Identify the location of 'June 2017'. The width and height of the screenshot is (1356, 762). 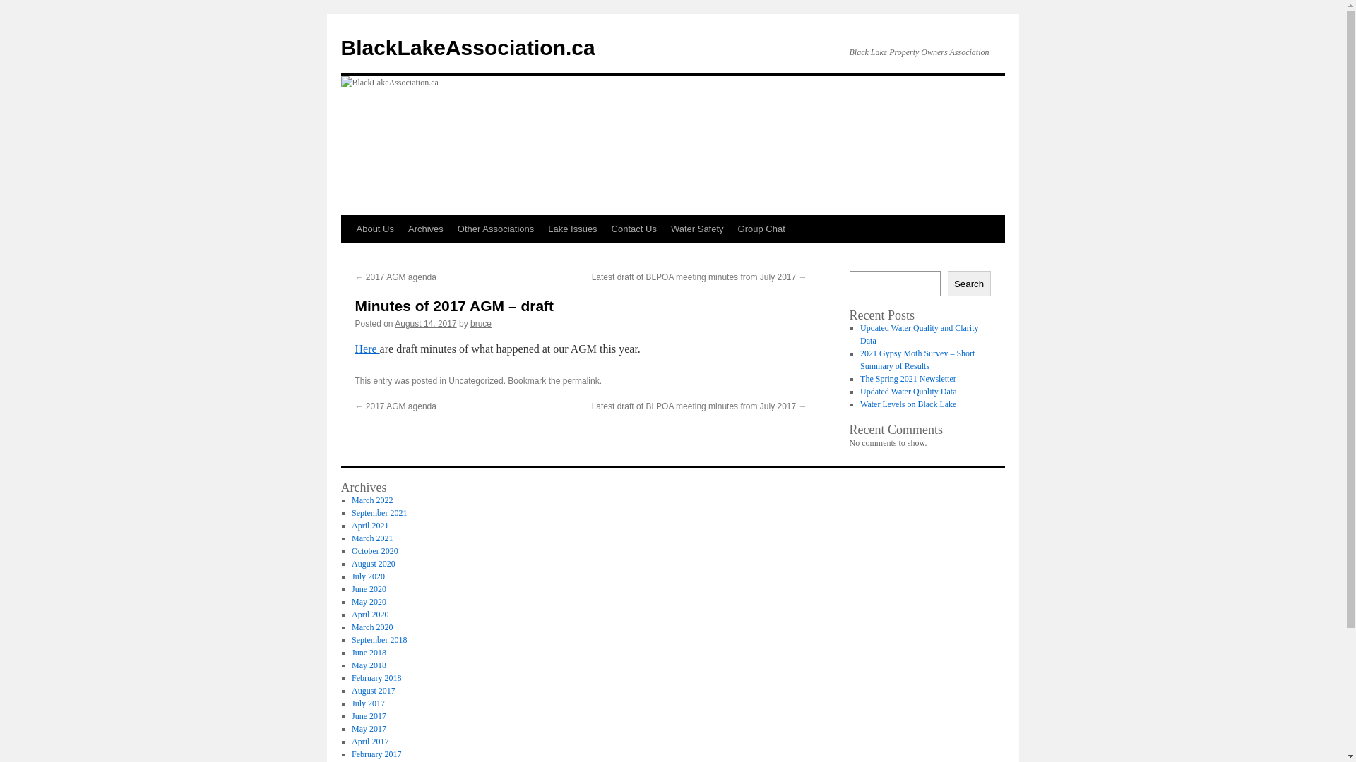
(352, 715).